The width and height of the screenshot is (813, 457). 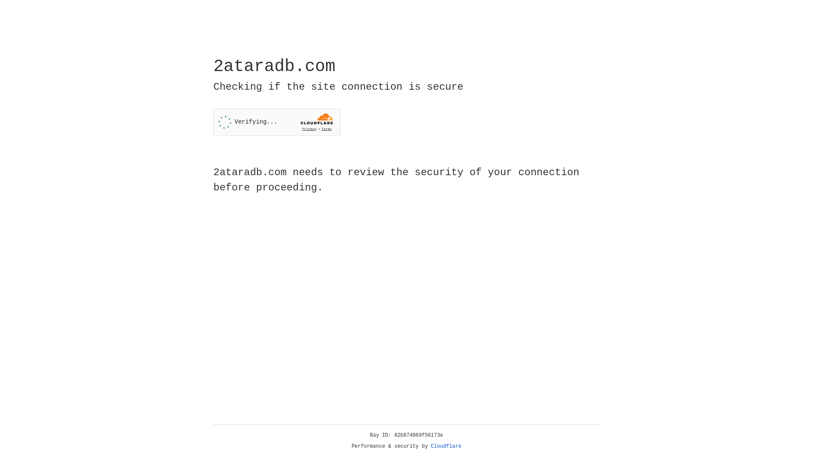 I want to click on 'Cloudflare', so click(x=446, y=446).